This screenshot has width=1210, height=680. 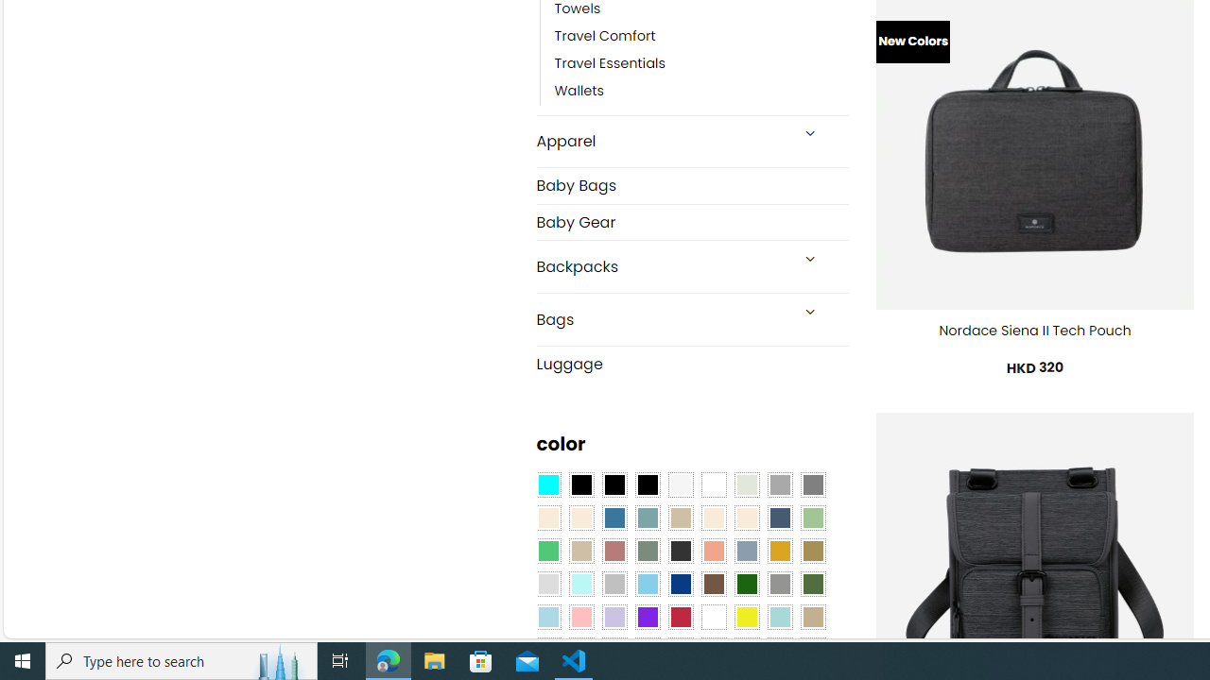 What do you see at coordinates (614, 518) in the screenshot?
I see `'Blue'` at bounding box center [614, 518].